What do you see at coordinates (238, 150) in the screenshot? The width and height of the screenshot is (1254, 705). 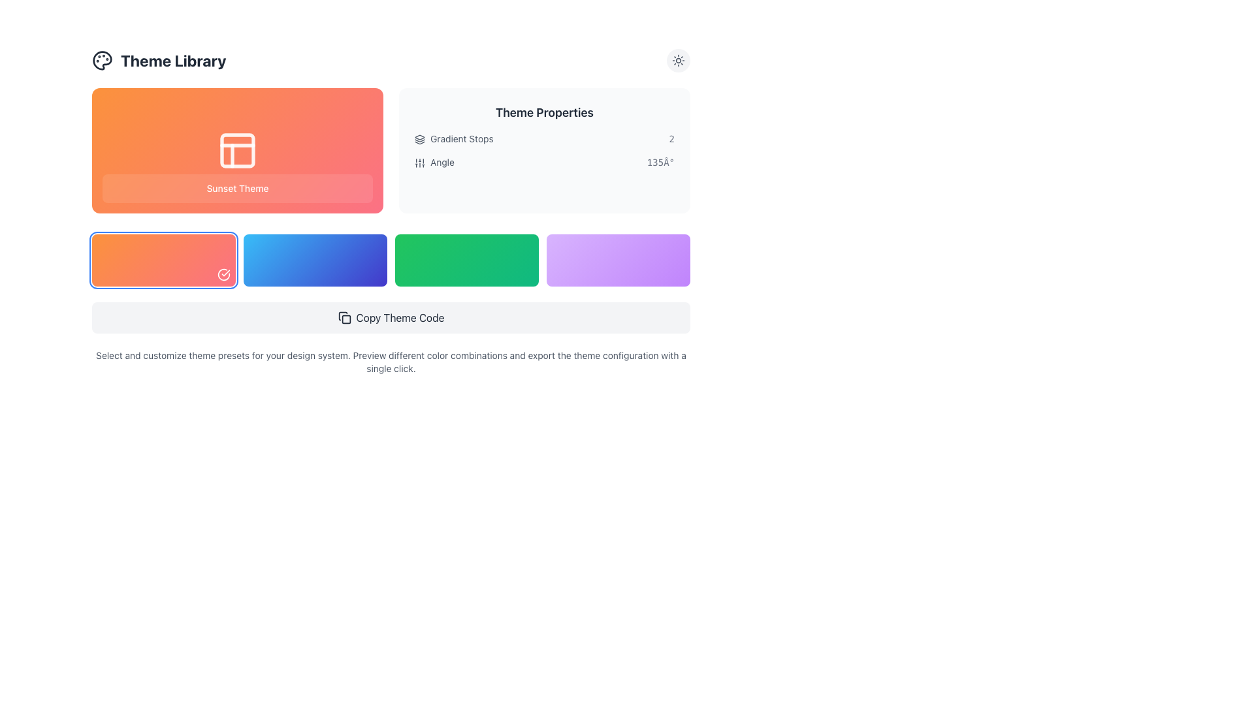 I see `the SVG graphic icon resembling a panel layout within the 'Sunset Theme' card` at bounding box center [238, 150].